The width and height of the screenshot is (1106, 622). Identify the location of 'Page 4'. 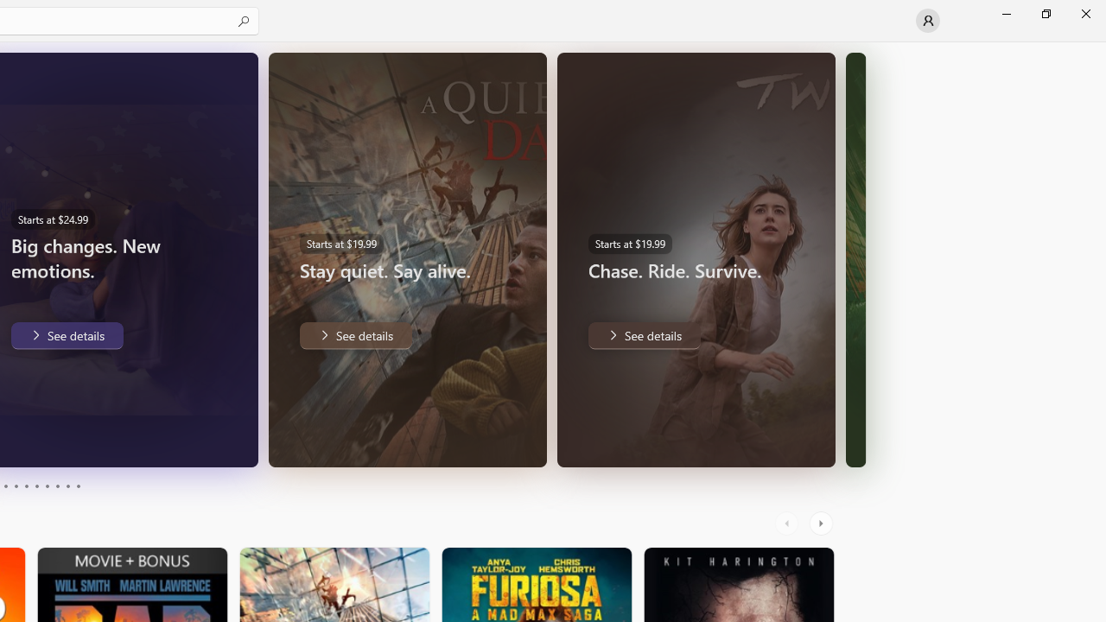
(15, 486).